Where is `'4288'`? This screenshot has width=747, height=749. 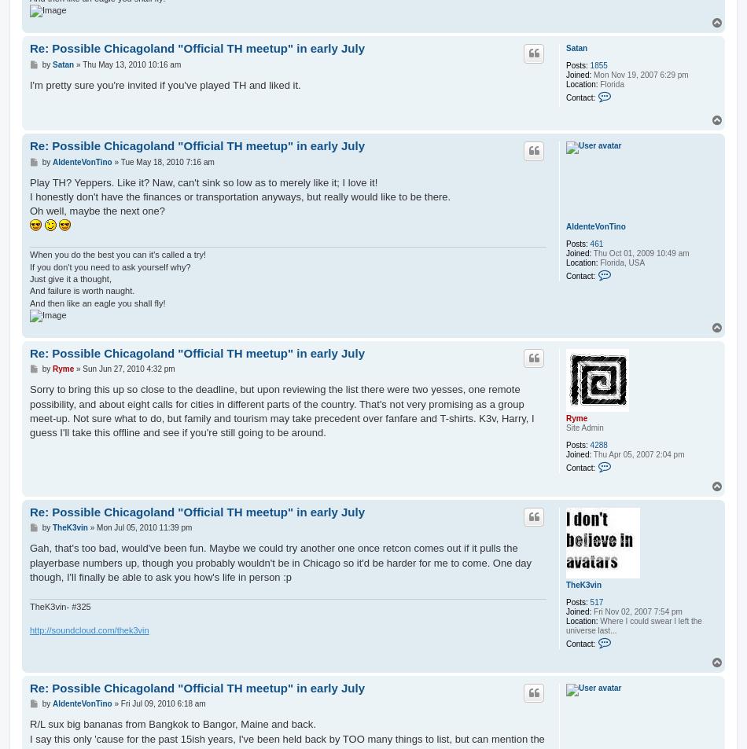 '4288' is located at coordinates (598, 445).